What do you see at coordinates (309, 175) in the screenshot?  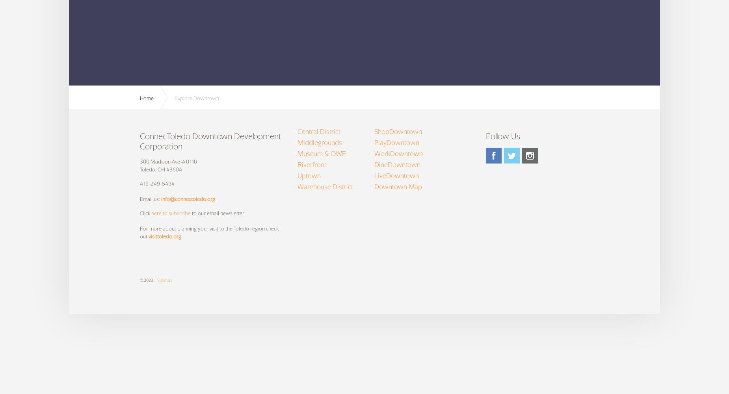 I see `'Uptown'` at bounding box center [309, 175].